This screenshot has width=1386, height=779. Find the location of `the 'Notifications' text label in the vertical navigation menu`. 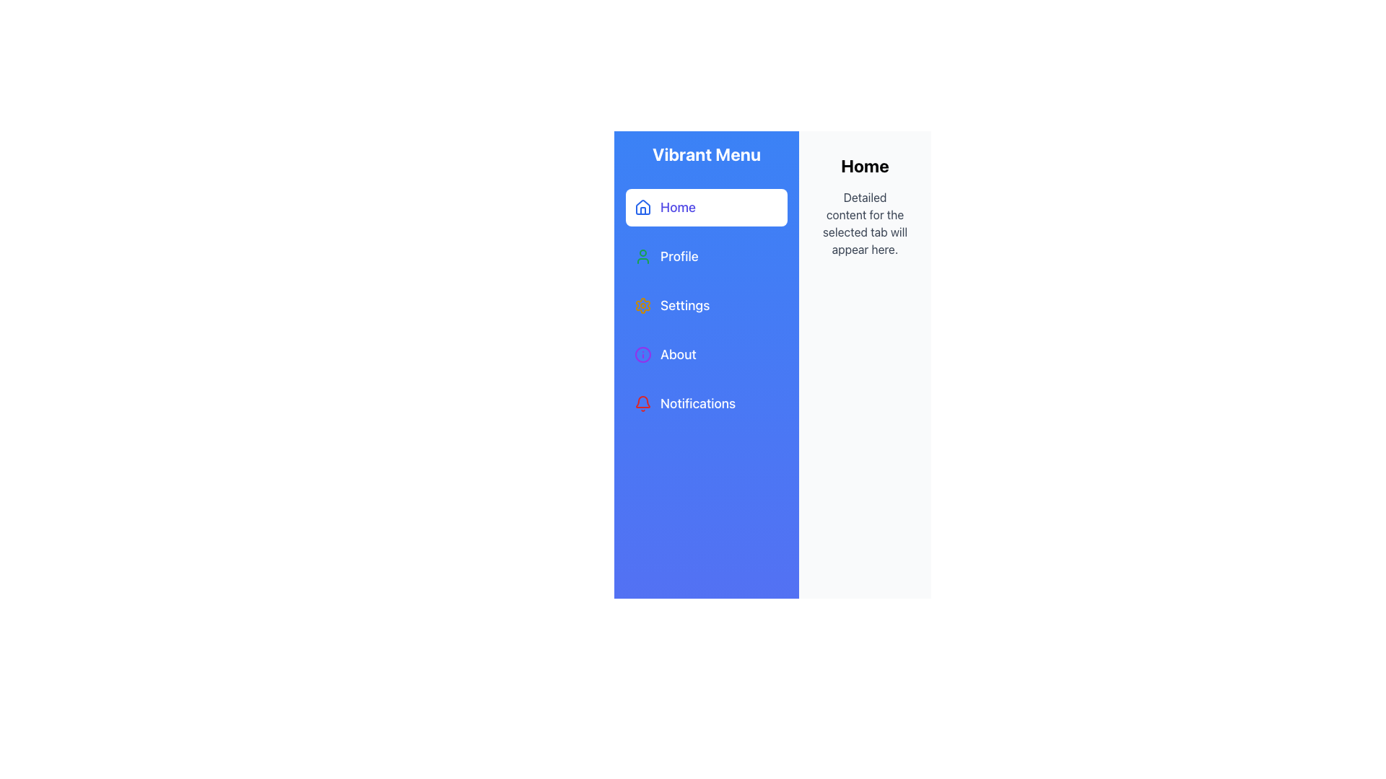

the 'Notifications' text label in the vertical navigation menu is located at coordinates (698, 403).